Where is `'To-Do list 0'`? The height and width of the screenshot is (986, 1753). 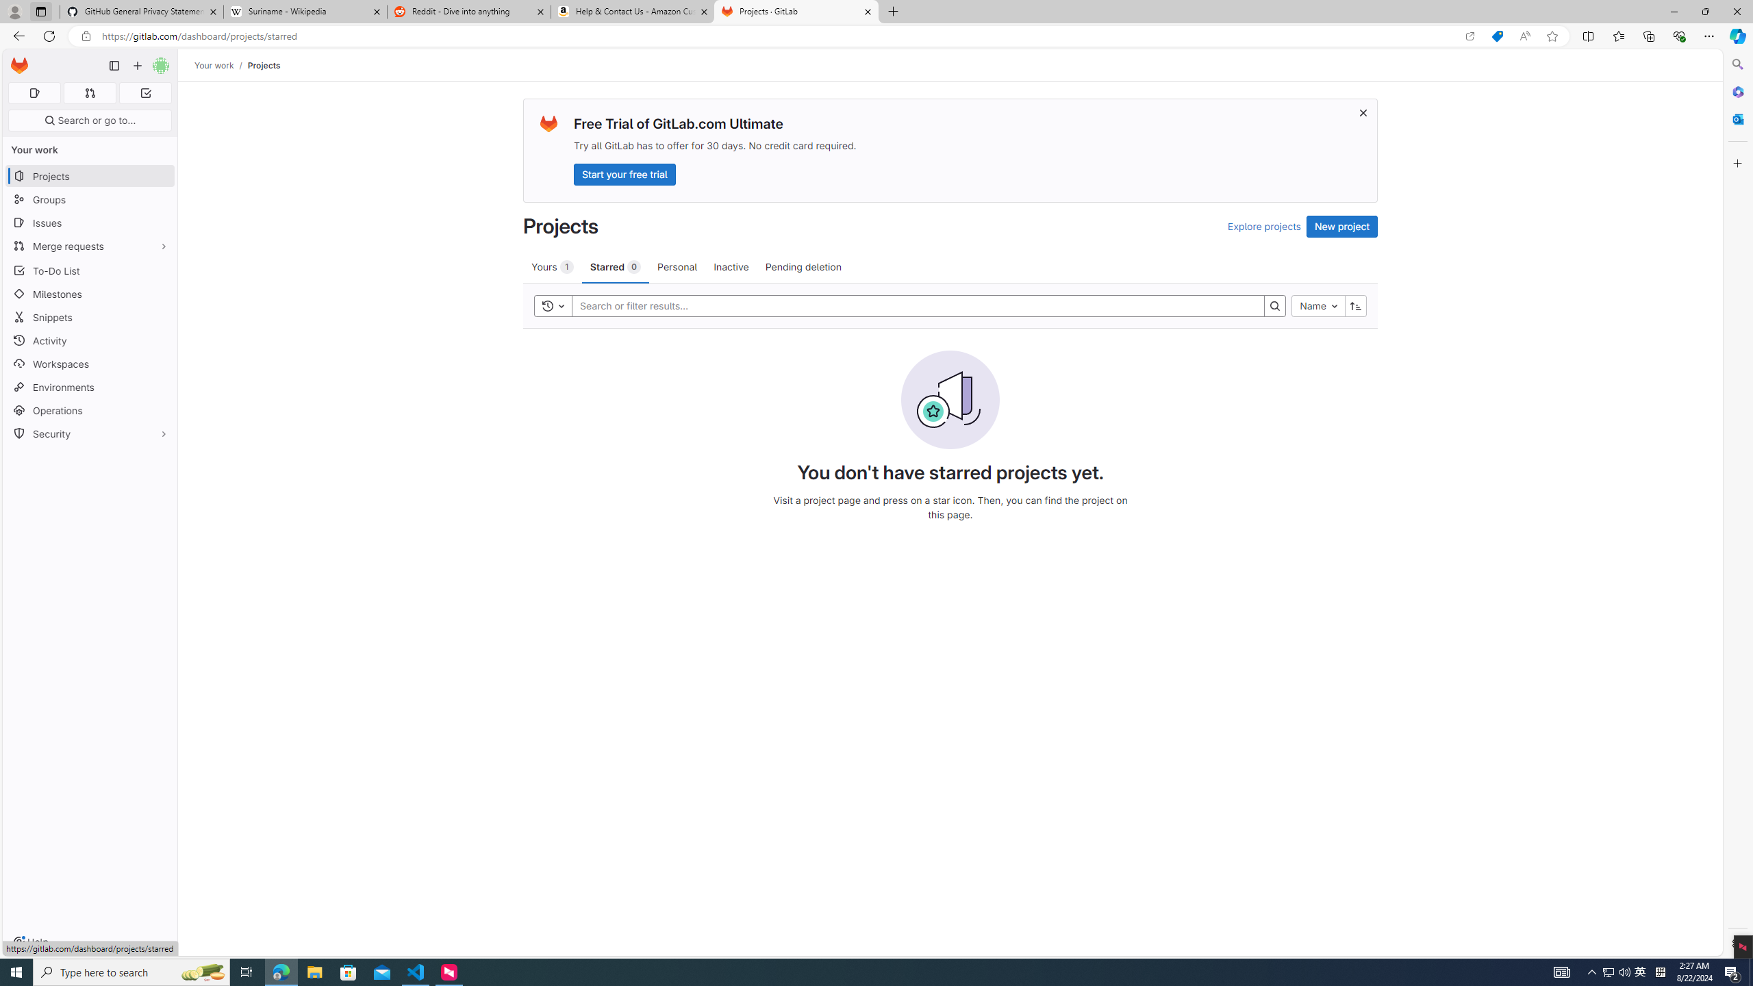 'To-Do list 0' is located at coordinates (144, 92).